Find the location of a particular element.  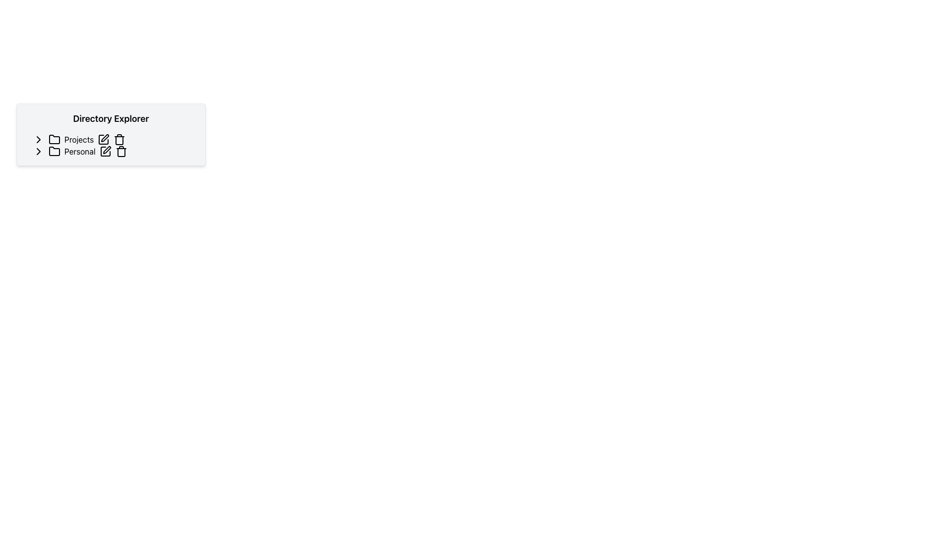

the Chevron Icon located to the left of the 'Projects' label is located at coordinates (38, 139).